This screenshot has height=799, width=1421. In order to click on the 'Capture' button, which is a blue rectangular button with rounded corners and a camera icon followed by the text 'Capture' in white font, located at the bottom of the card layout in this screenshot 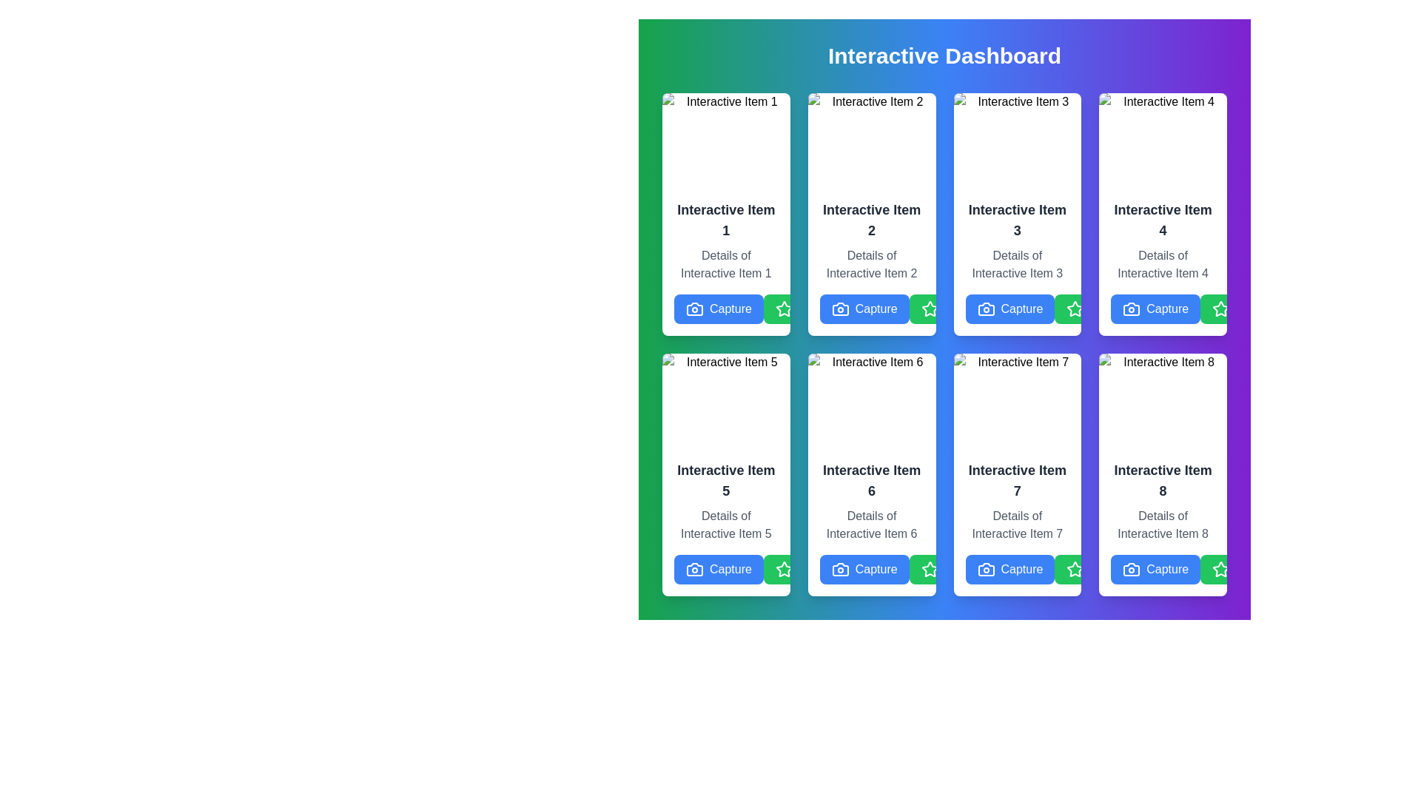, I will do `click(864, 569)`.